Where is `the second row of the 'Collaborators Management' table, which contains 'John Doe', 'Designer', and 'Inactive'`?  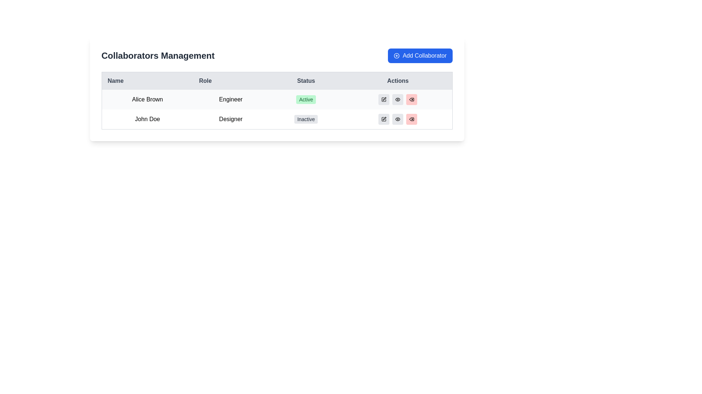
the second row of the 'Collaborators Management' table, which contains 'John Doe', 'Designer', and 'Inactive' is located at coordinates (276, 119).